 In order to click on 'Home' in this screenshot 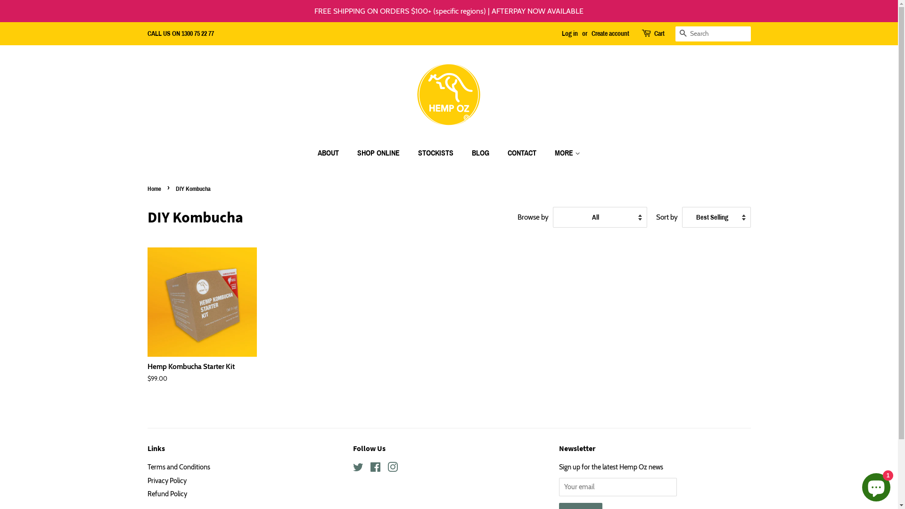, I will do `click(147, 189)`.